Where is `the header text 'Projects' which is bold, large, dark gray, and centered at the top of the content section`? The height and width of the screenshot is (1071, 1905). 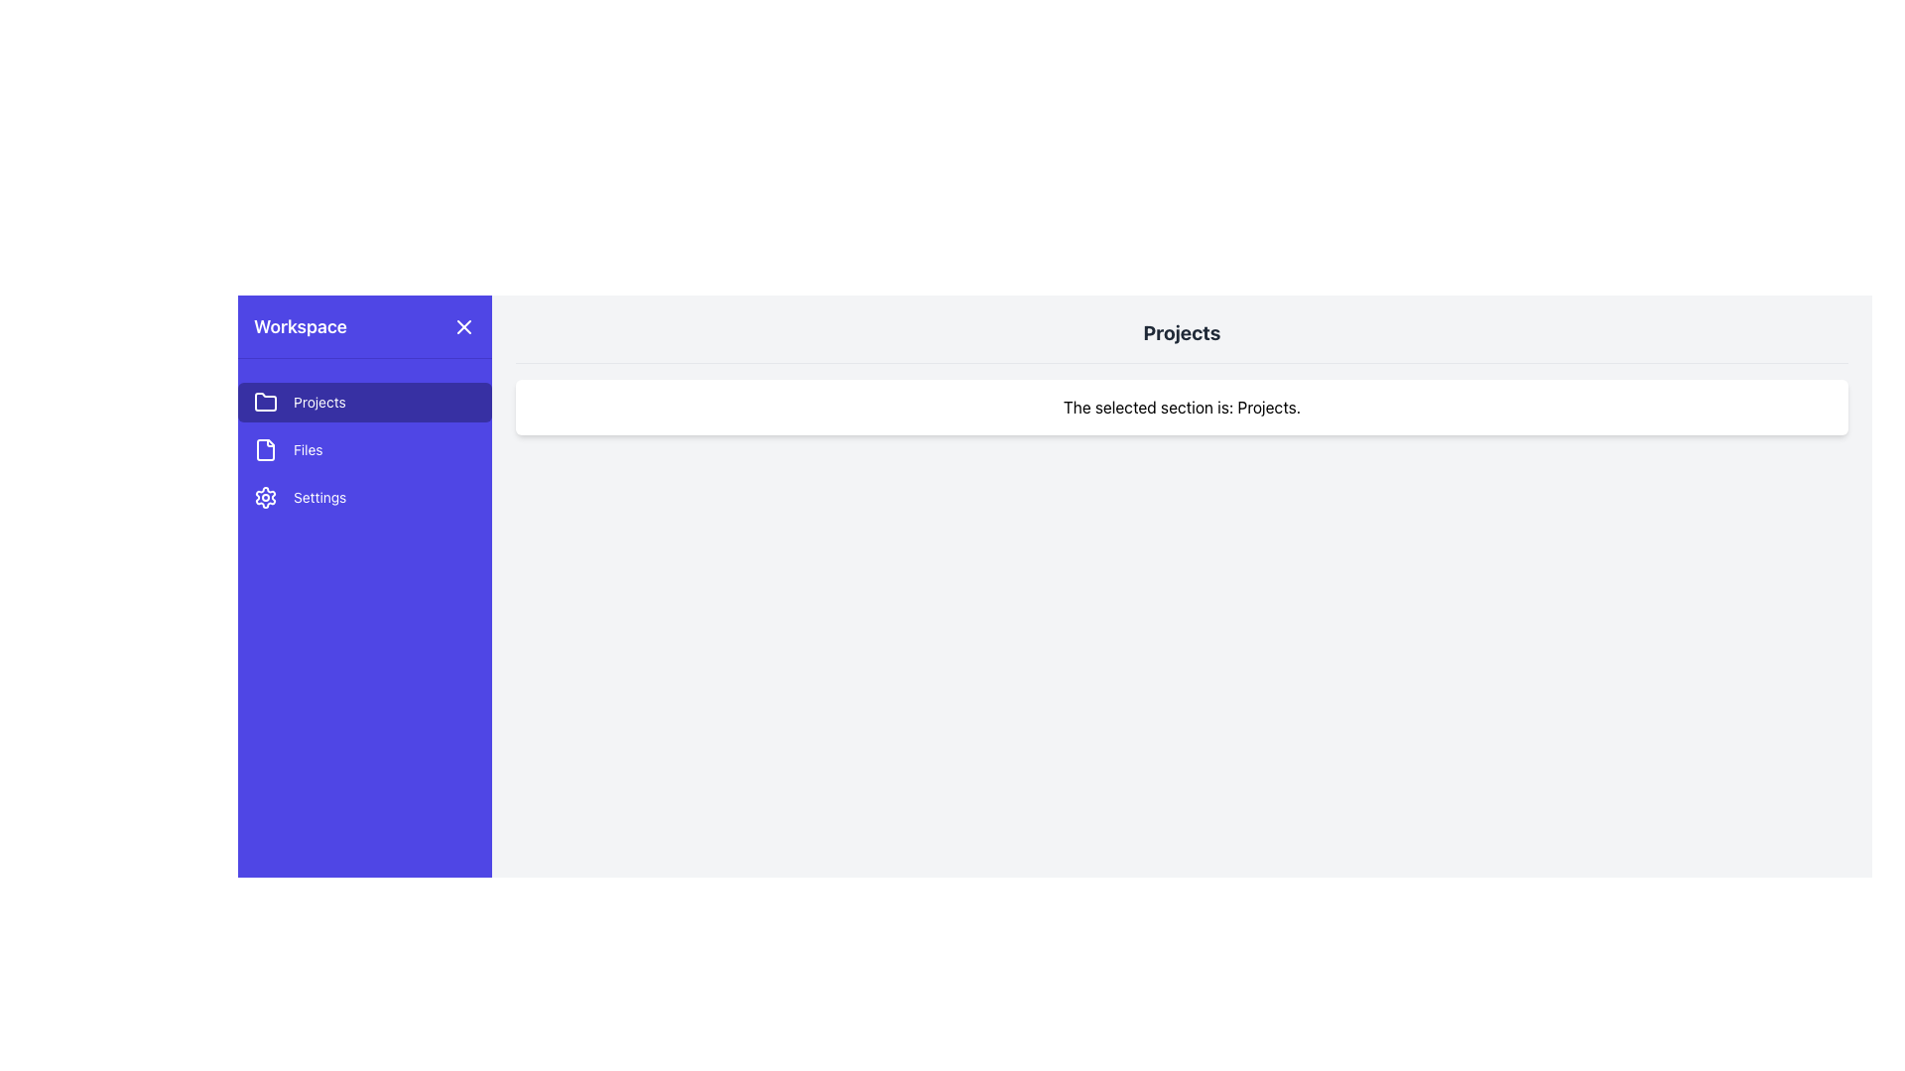
the header text 'Projects' which is bold, large, dark gray, and centered at the top of the content section is located at coordinates (1182, 331).